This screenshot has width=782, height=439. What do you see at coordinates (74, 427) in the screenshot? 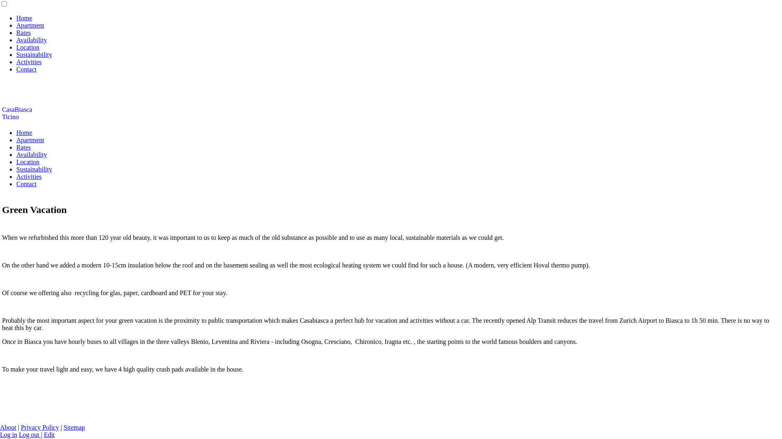
I see `'Sitemap'` at bounding box center [74, 427].